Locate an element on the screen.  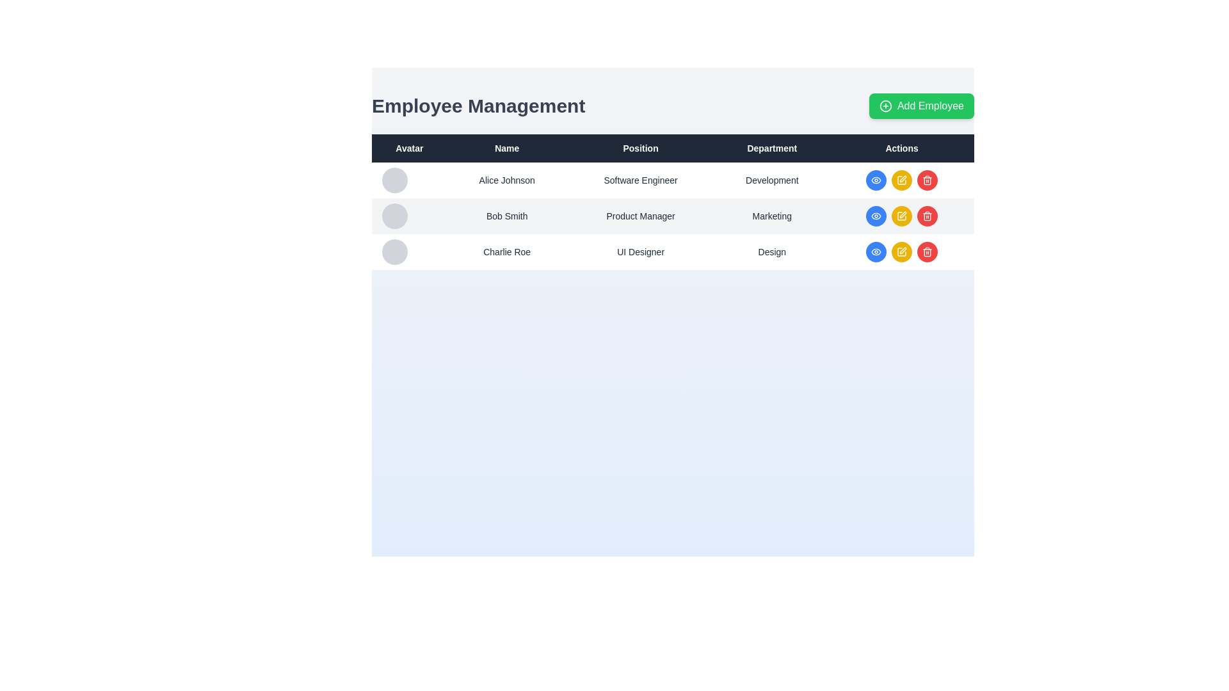
the editing icon in the 'Actions' column of the last row in the employee table is located at coordinates (903, 251).